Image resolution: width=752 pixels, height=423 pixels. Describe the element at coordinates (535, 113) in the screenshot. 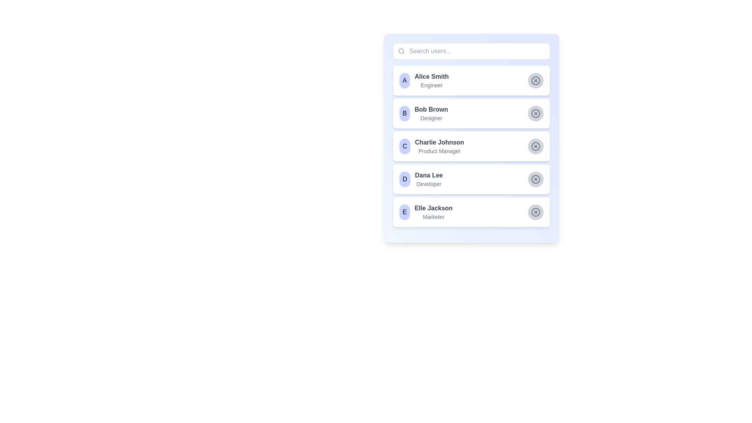

I see `the SVG Circle within the close button of the second item 'Bob Brown Designer' in the vertical list` at that location.